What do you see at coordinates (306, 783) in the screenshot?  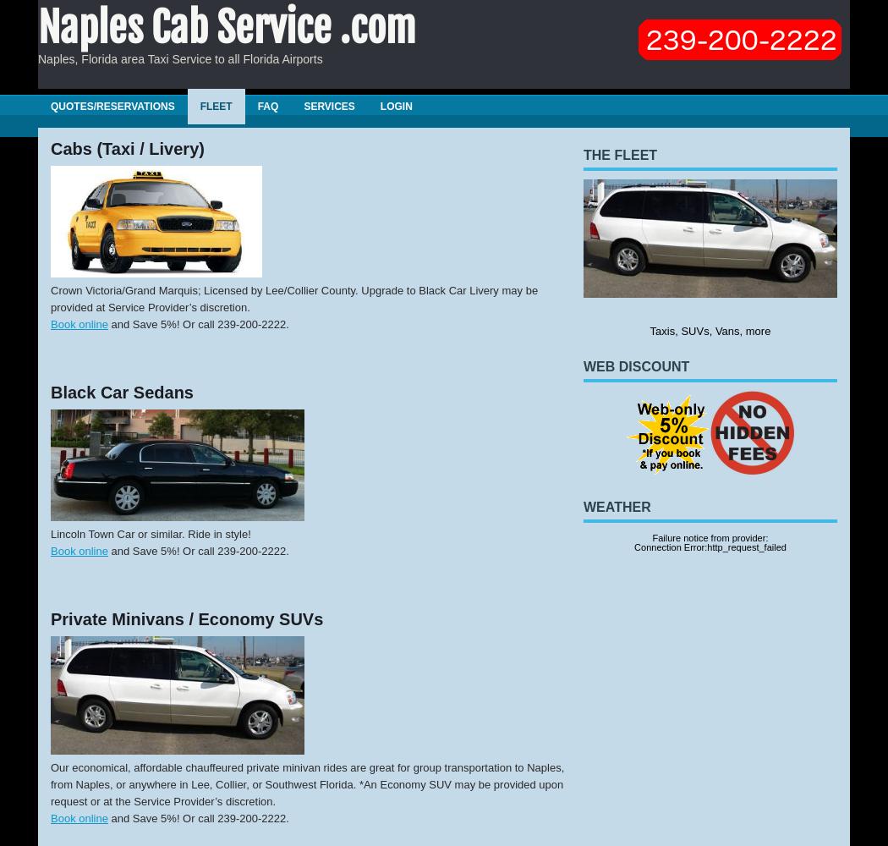 I see `'Our economical, affordable chauffeured private minivan rides are great for group transportation to Naples, from Naples, or anywhere in Lee, Collier, or Southwest Florida. *An Economy SUV may be provided upon request or at the Service Provider’s discretion.'` at bounding box center [306, 783].